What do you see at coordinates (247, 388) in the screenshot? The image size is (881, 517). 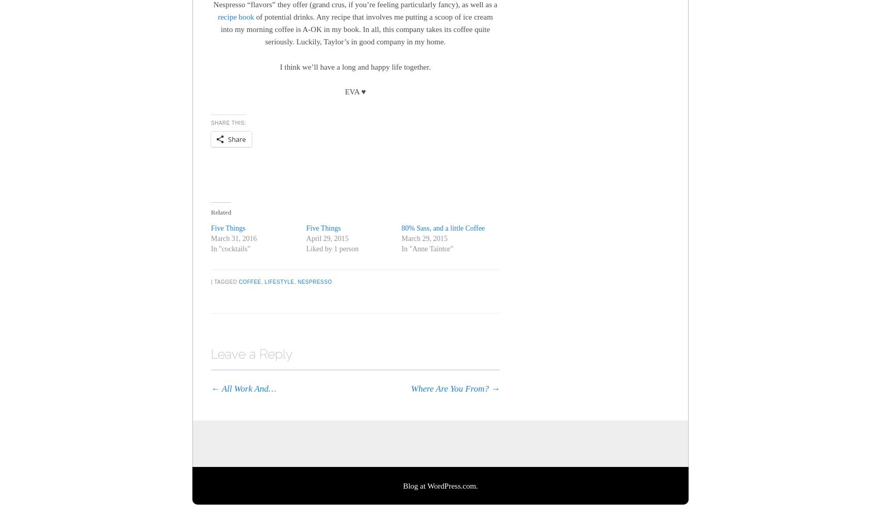 I see `'All Work And…'` at bounding box center [247, 388].